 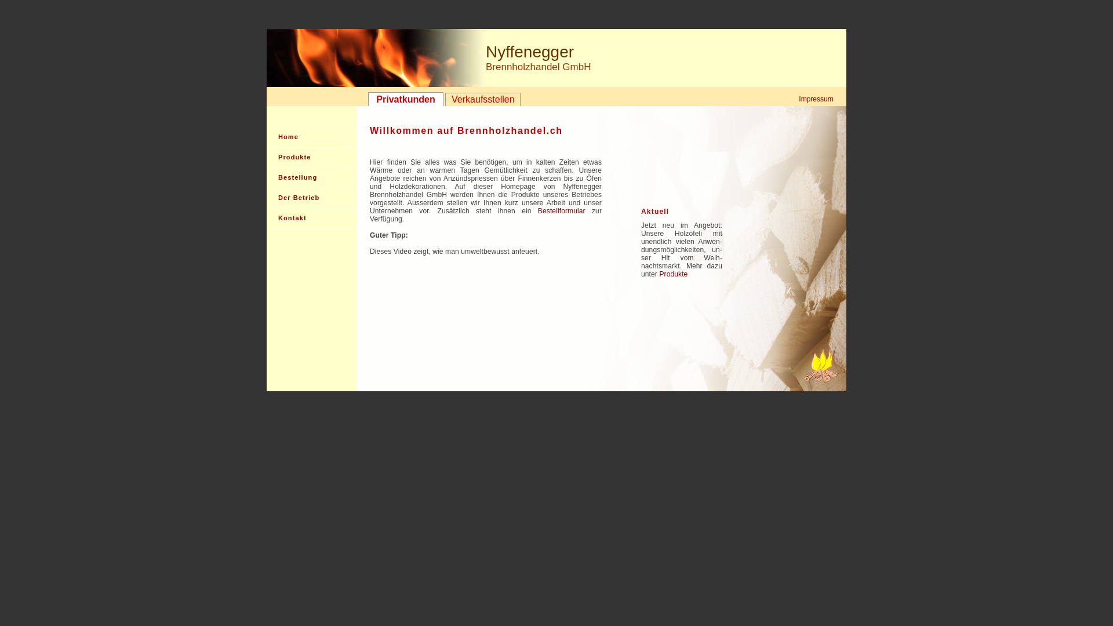 I want to click on 'Kontakt', so click(x=311, y=219).